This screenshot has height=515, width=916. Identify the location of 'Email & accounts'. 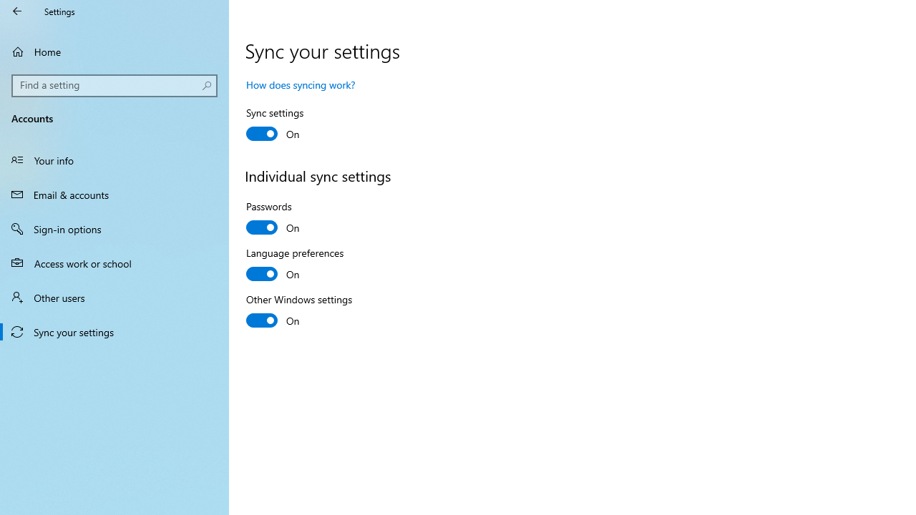
(114, 194).